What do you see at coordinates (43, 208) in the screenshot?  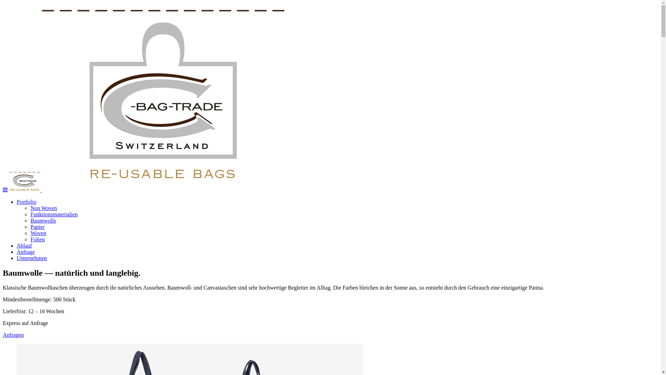 I see `'Non Woven'` at bounding box center [43, 208].